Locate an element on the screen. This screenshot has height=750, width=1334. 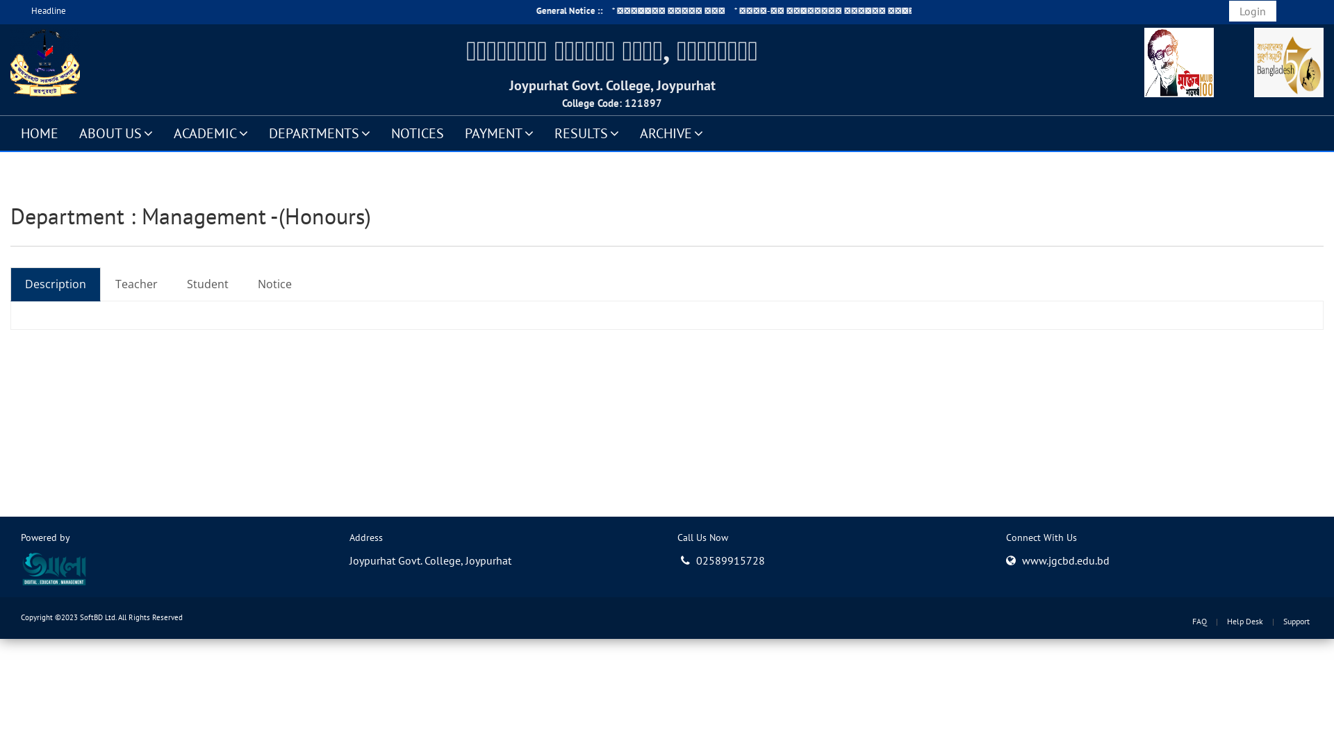
'Student' is located at coordinates (172, 283).